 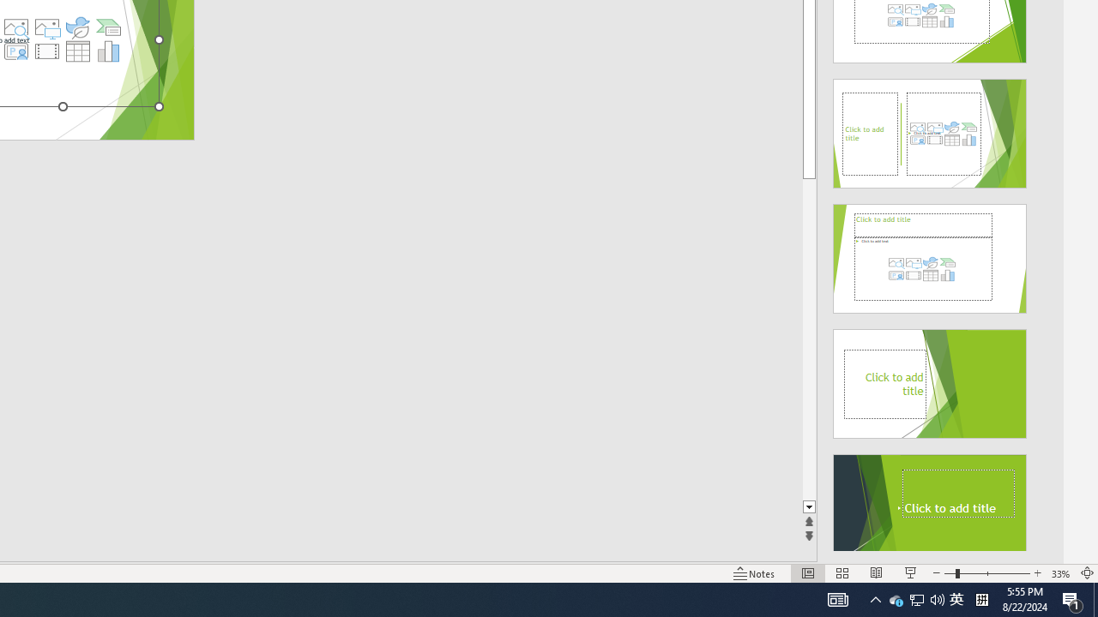 I want to click on 'Insert a SmartArt Graphic', so click(x=108, y=27).